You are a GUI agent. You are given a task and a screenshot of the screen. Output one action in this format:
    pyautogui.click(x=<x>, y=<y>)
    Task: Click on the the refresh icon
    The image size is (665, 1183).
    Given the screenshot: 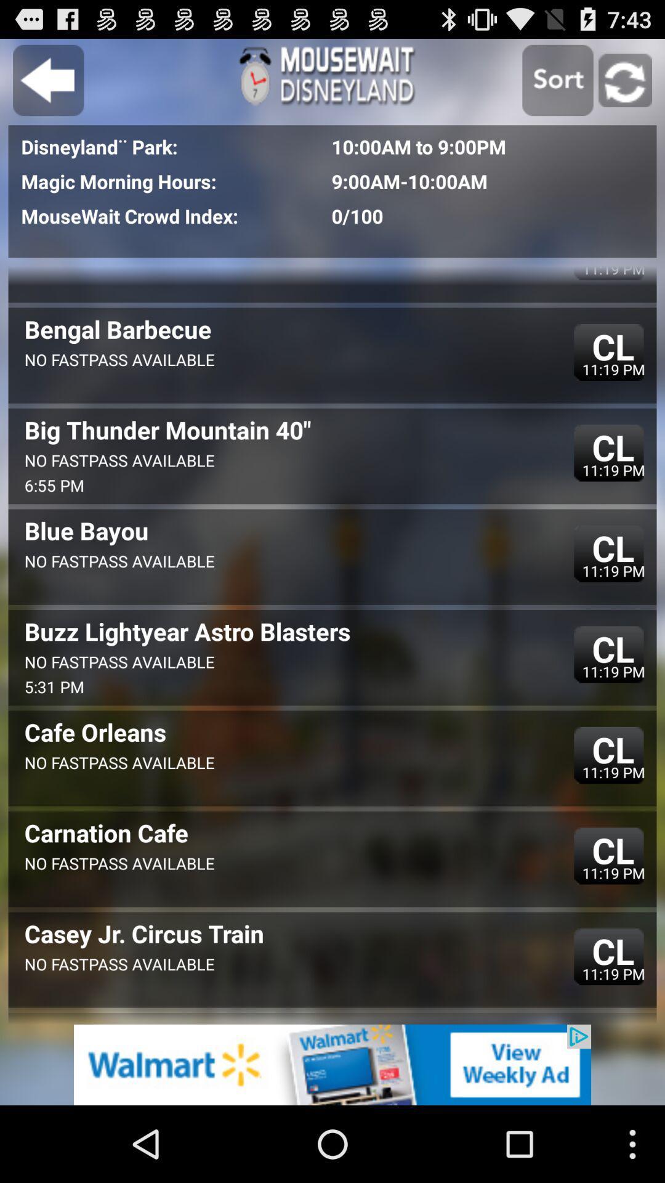 What is the action you would take?
    pyautogui.click(x=625, y=85)
    